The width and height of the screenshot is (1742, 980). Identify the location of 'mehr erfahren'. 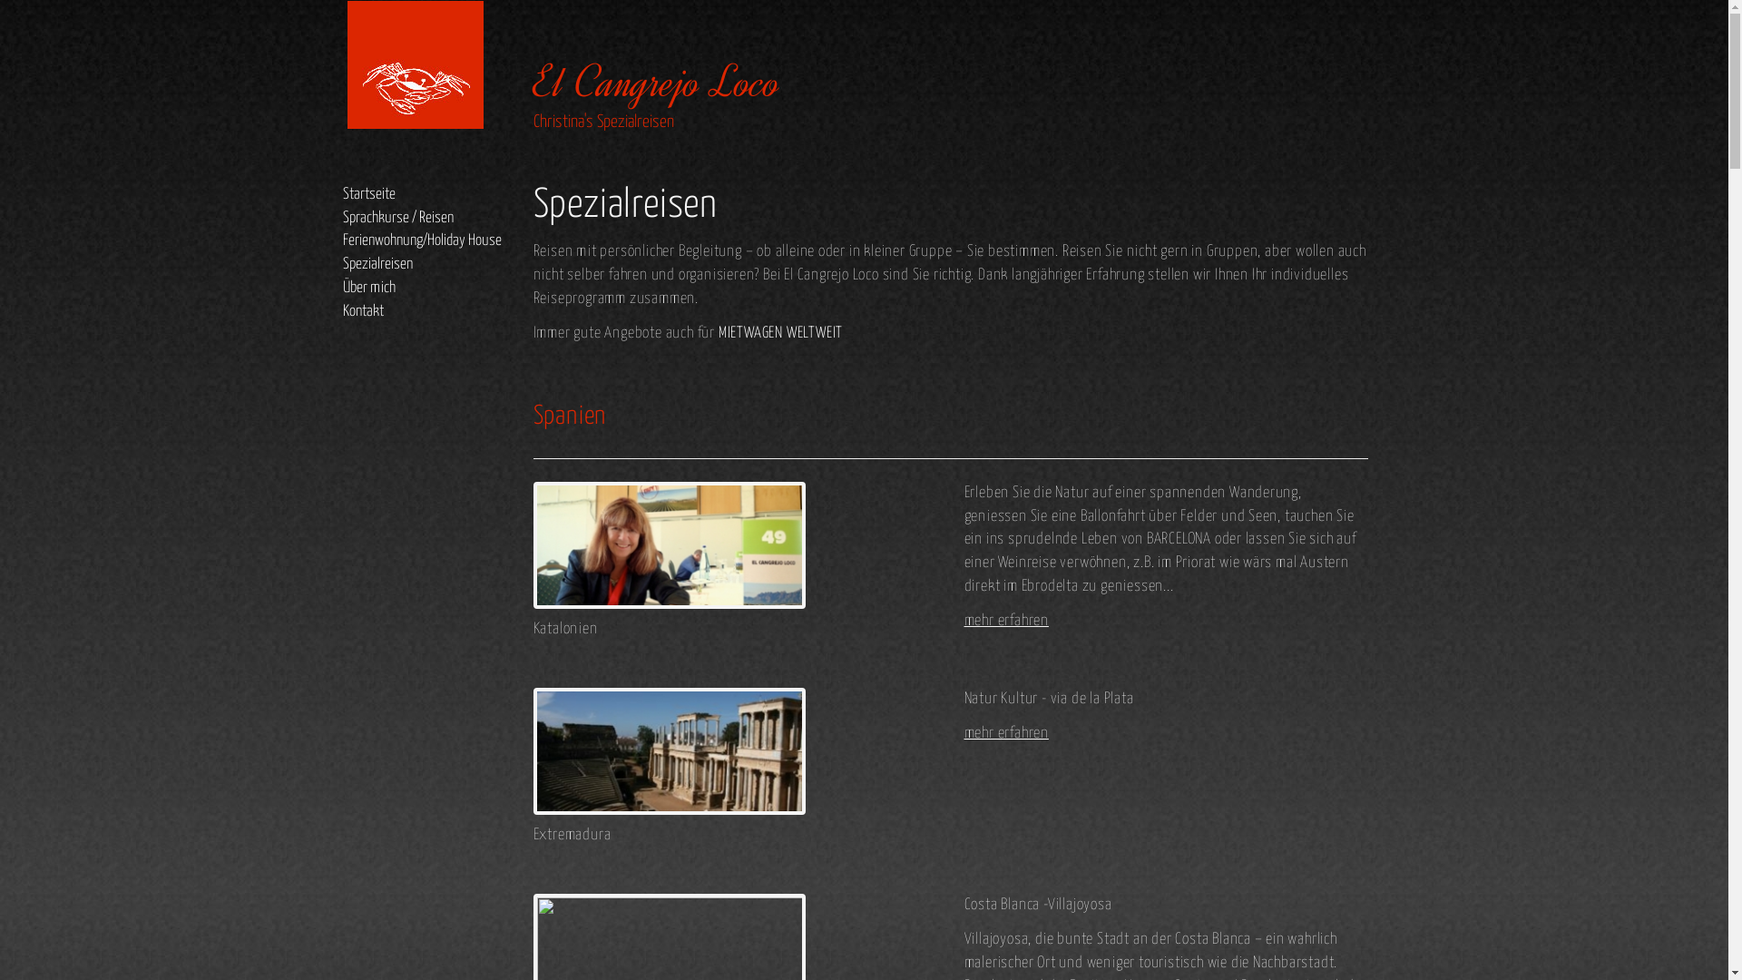
(962, 620).